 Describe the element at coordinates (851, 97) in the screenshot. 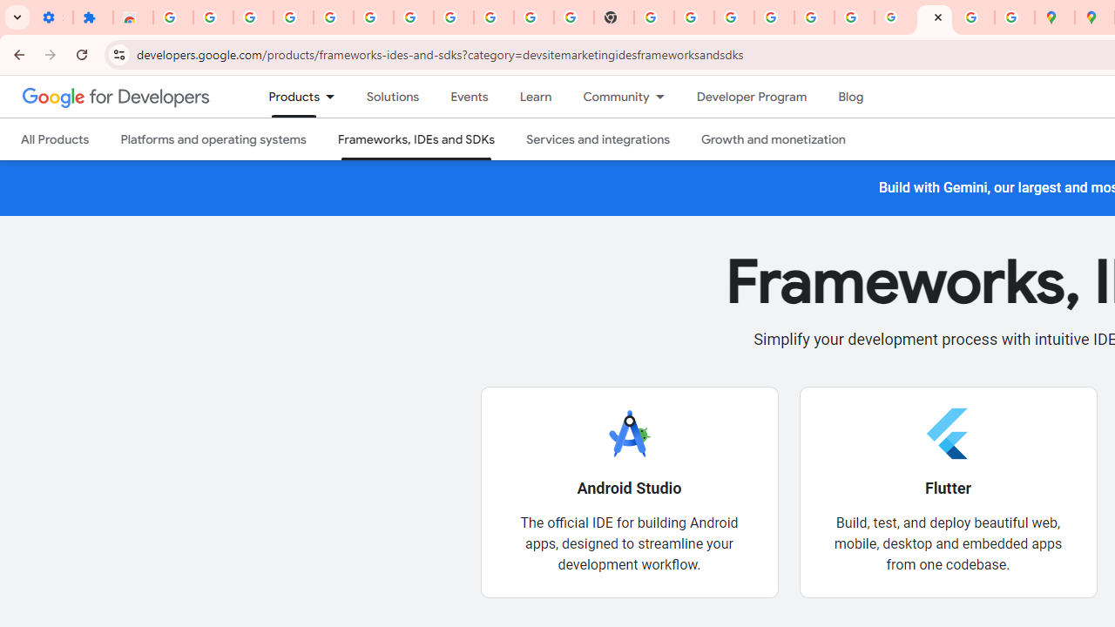

I see `'Blog'` at that location.